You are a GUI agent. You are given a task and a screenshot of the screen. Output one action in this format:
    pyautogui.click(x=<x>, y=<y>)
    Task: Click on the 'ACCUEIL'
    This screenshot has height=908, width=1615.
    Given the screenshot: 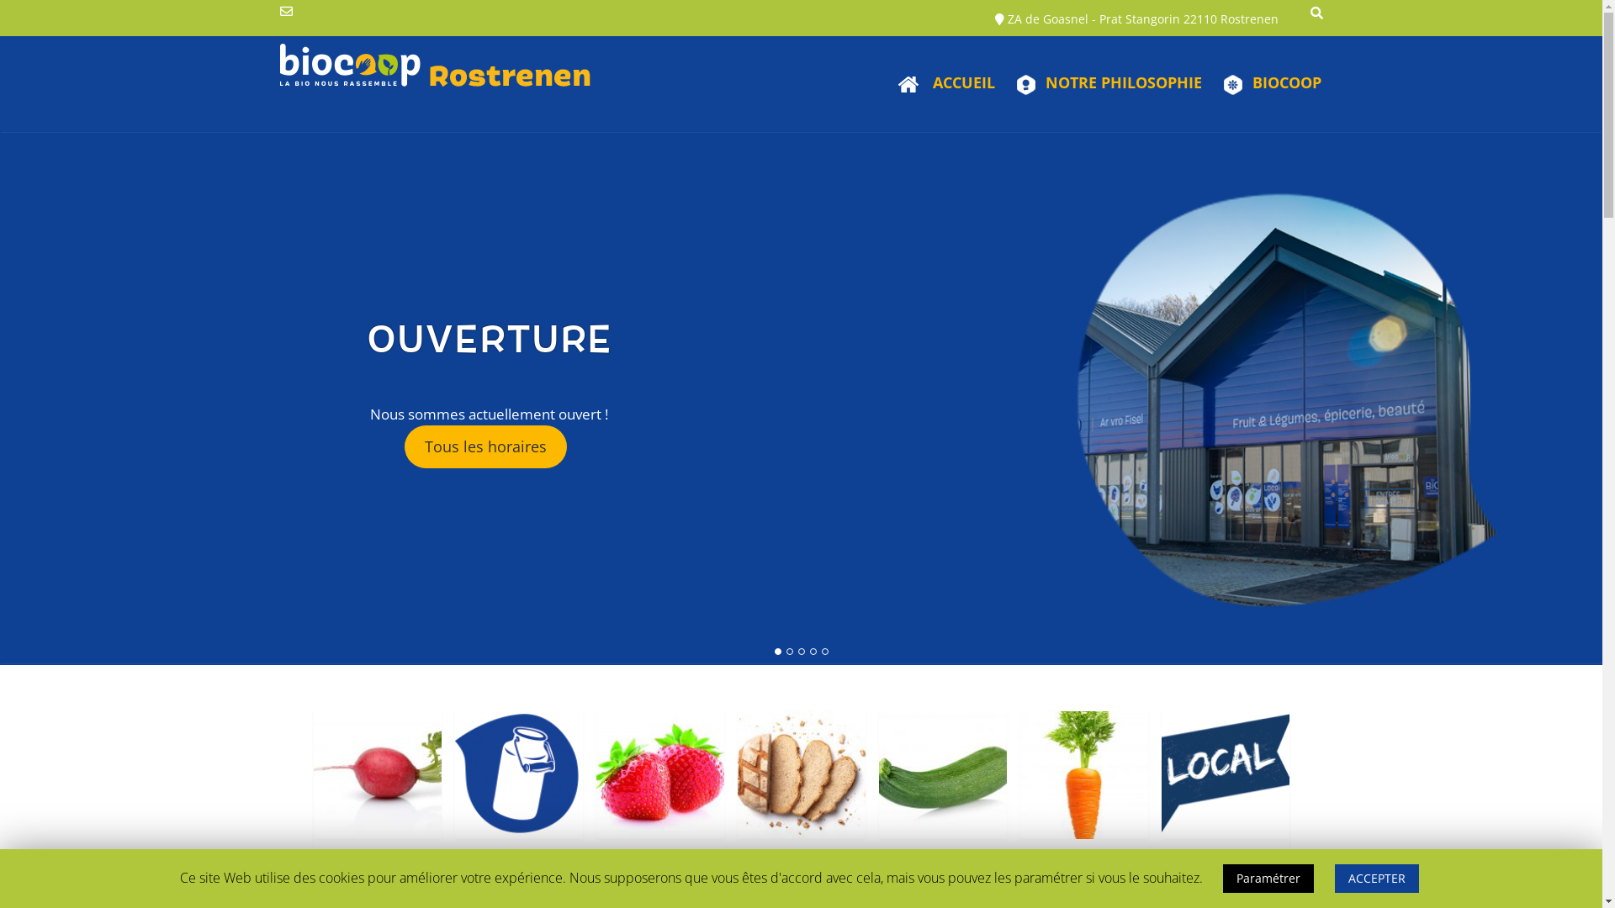 What is the action you would take?
    pyautogui.click(x=876, y=83)
    